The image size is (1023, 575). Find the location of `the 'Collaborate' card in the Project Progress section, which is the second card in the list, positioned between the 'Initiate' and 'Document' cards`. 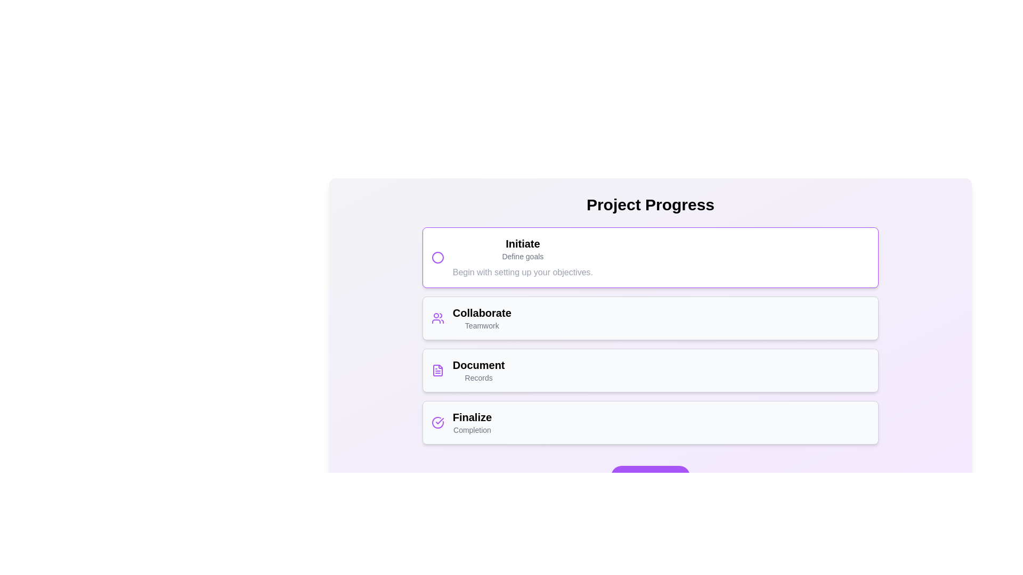

the 'Collaborate' card in the Project Progress section, which is the second card in the list, positioned between the 'Initiate' and 'Document' cards is located at coordinates (649, 317).